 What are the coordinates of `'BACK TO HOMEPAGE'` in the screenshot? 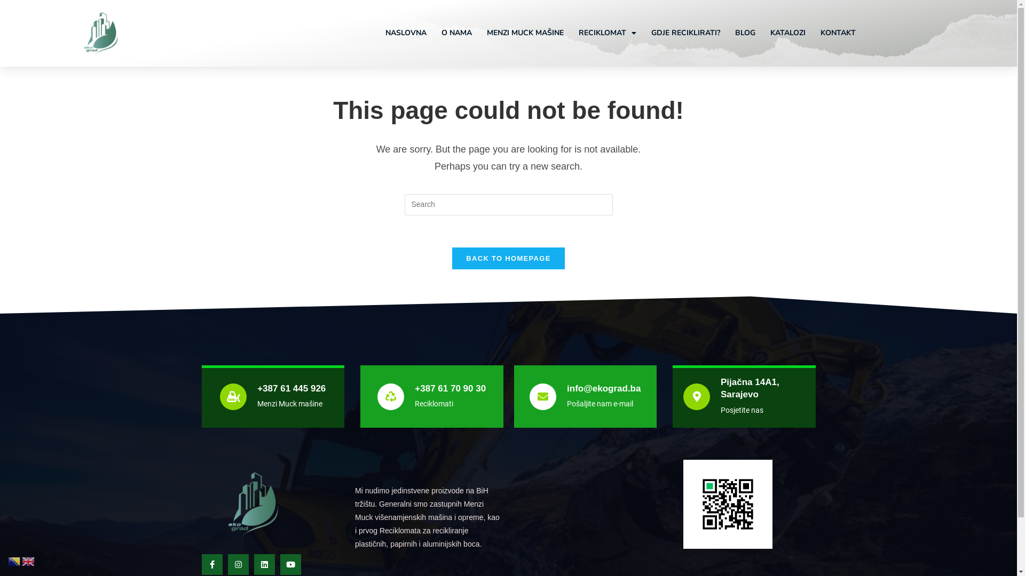 It's located at (452, 258).